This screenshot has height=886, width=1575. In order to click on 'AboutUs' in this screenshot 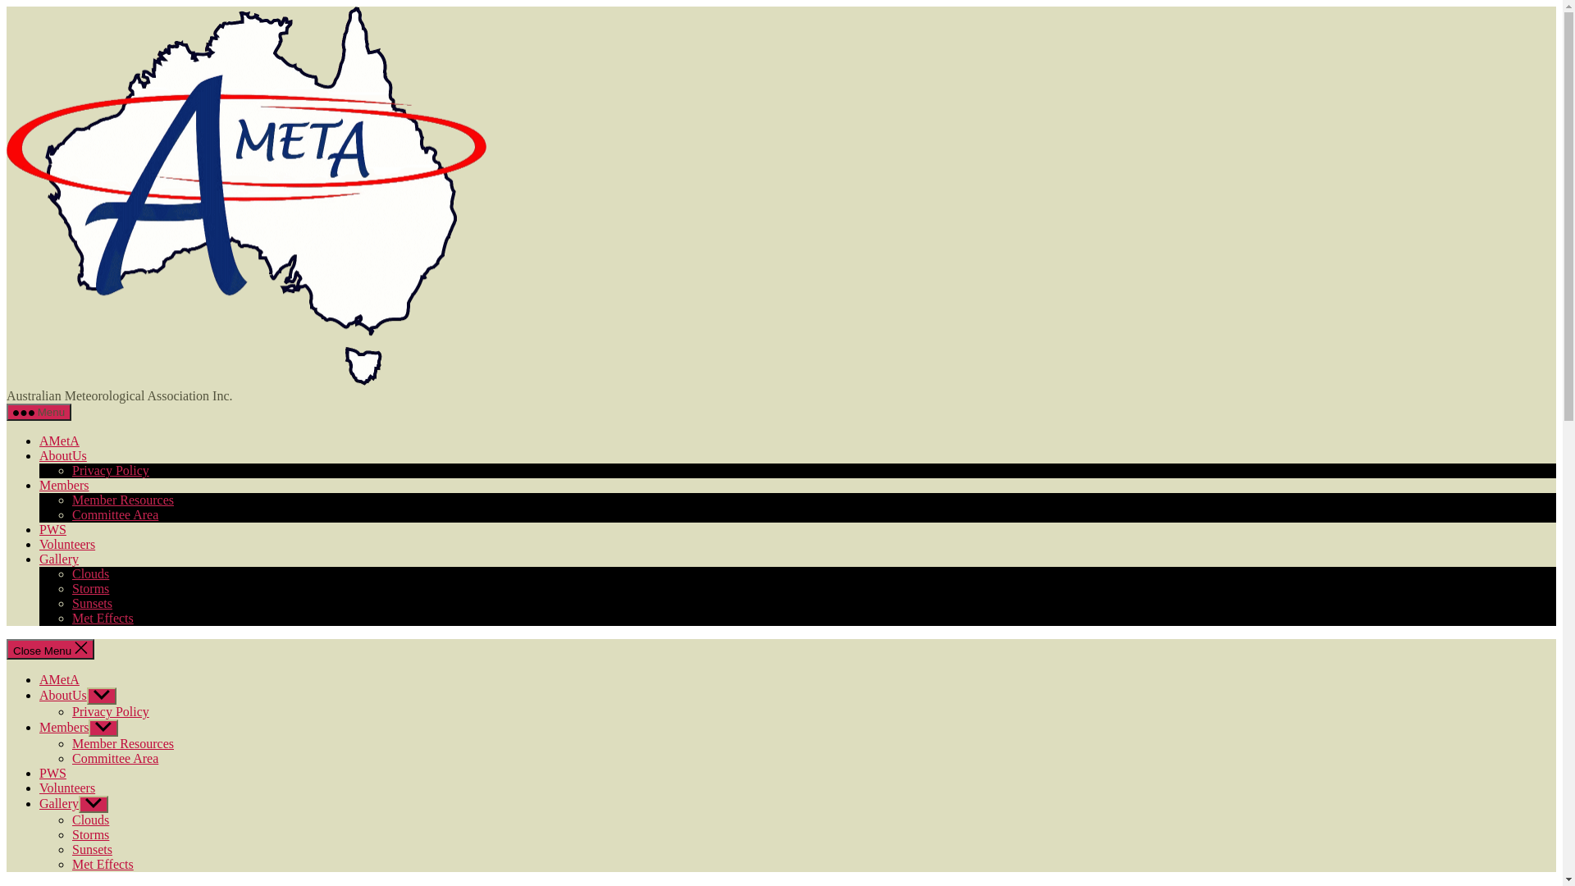, I will do `click(62, 455)`.